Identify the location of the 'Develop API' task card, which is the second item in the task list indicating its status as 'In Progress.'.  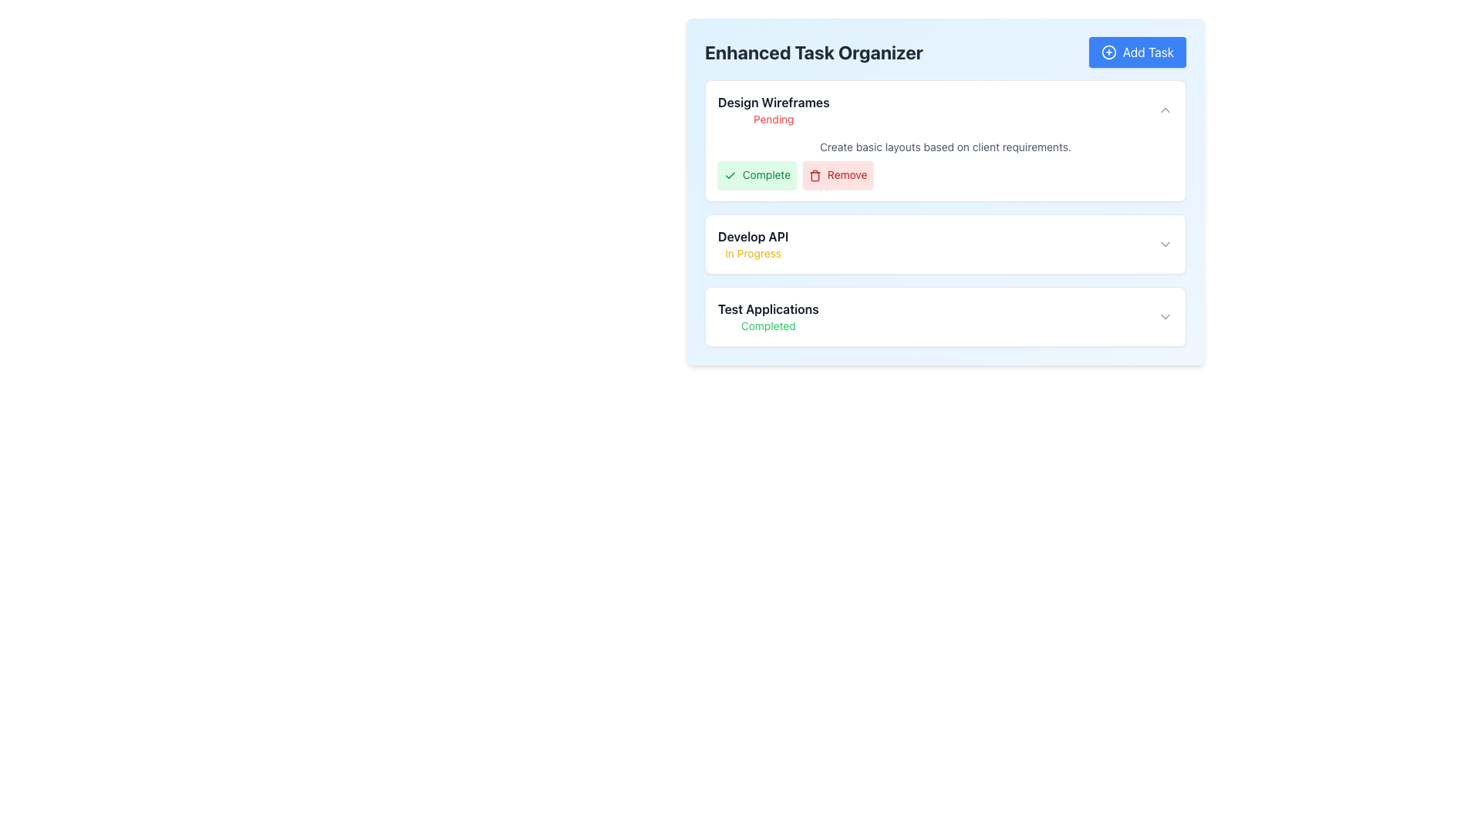
(944, 243).